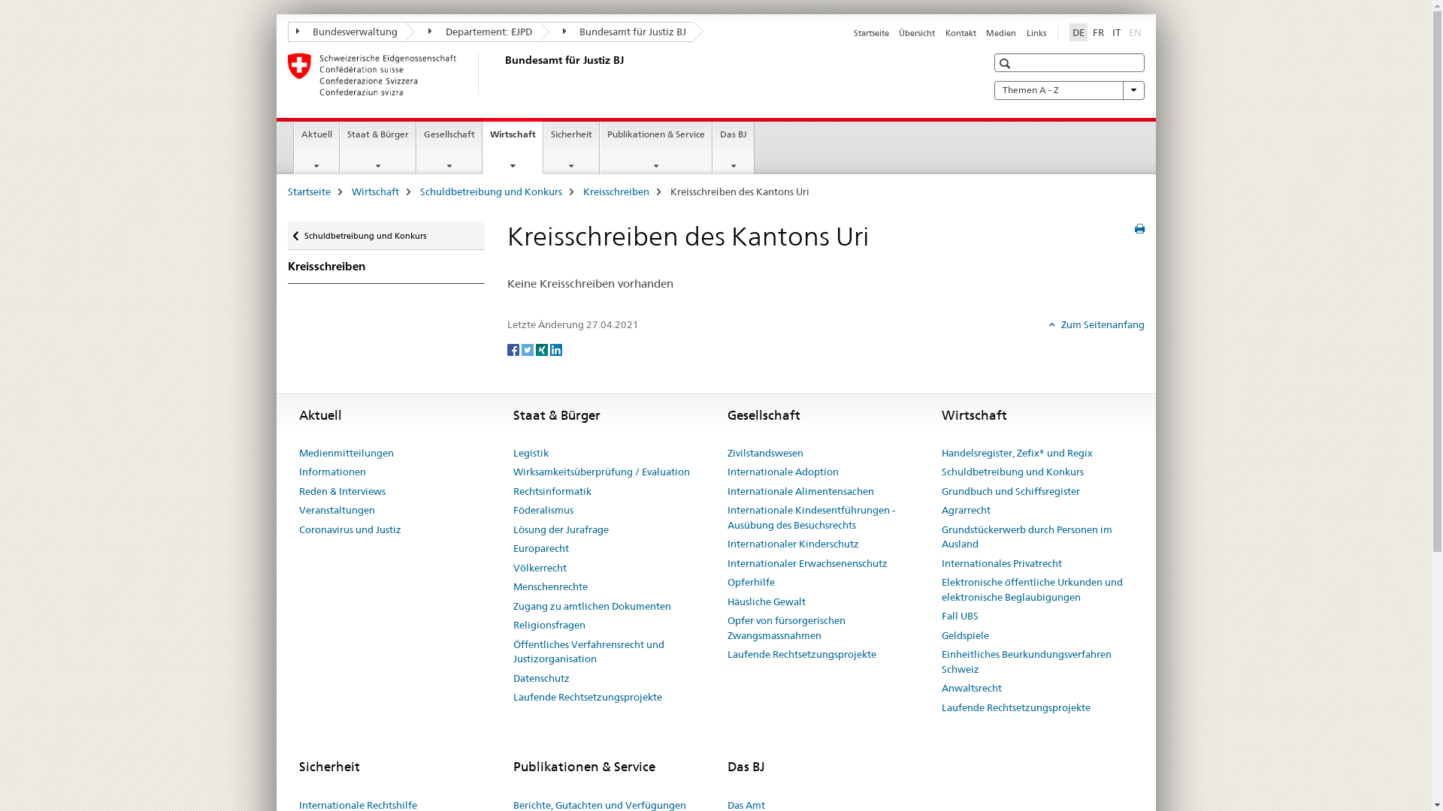 The width and height of the screenshot is (1443, 811). Describe the element at coordinates (471, 32) in the screenshot. I see `'Departement: EJPD'` at that location.